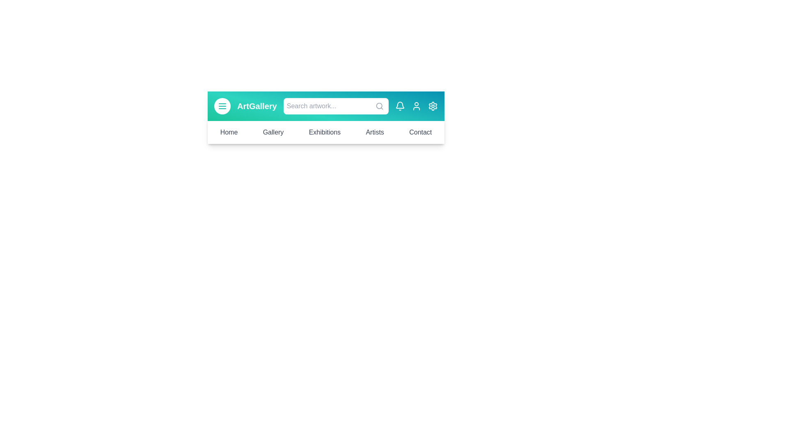 This screenshot has height=443, width=788. What do you see at coordinates (420, 132) in the screenshot?
I see `the menu option Contact to navigate to the corresponding section` at bounding box center [420, 132].